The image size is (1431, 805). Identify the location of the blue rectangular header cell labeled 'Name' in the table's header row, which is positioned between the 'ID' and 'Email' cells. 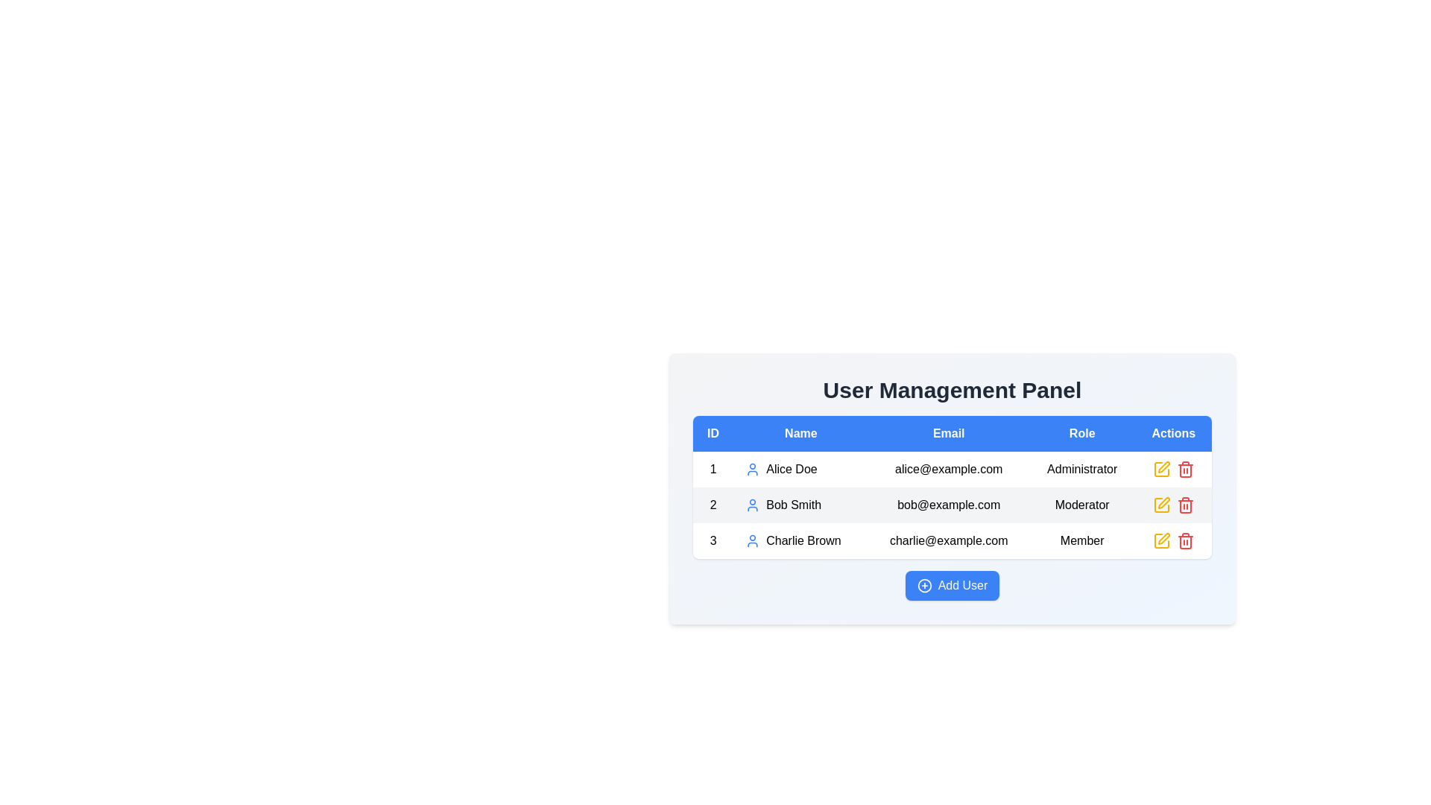
(800, 434).